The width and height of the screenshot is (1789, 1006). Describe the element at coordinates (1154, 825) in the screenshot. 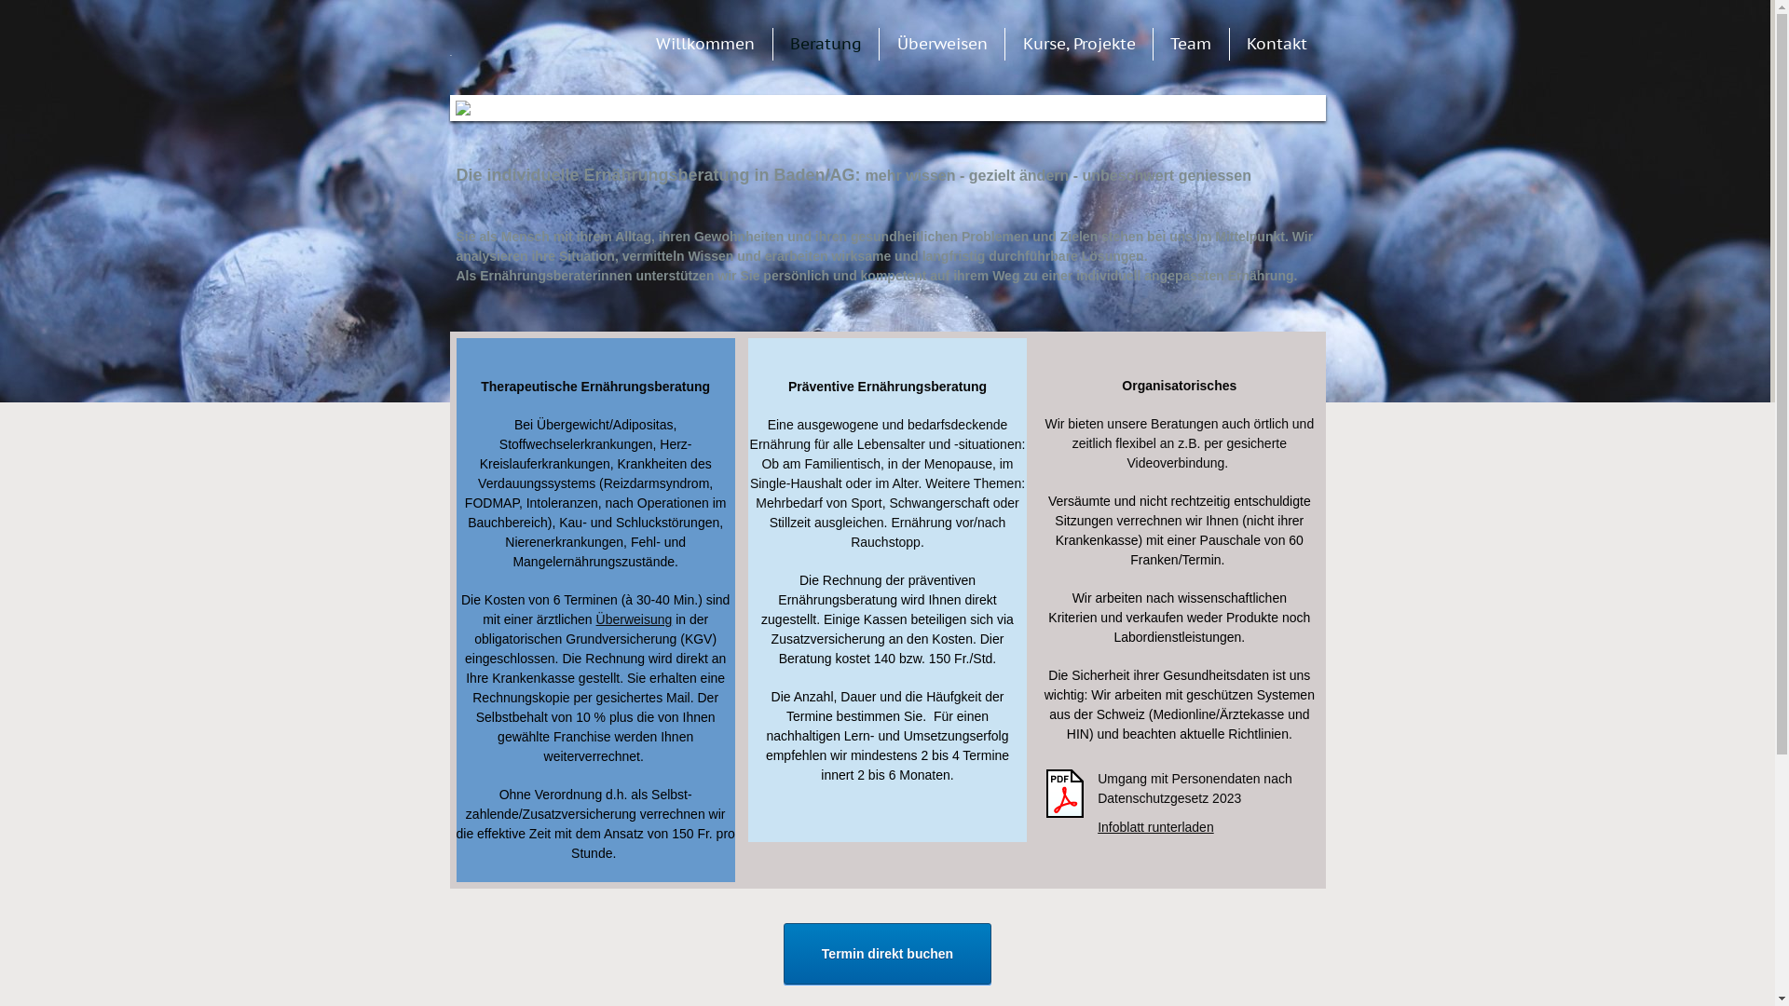

I see `'Infoblatt runterladen'` at that location.